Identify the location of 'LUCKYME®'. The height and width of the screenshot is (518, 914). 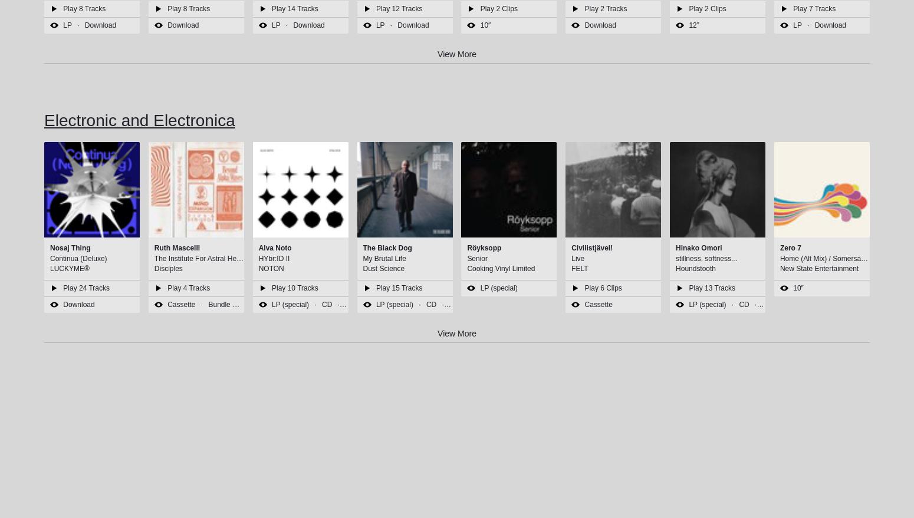
(50, 268).